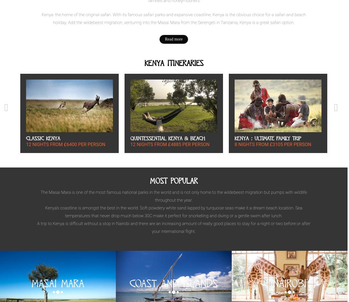 This screenshot has width=349, height=302. What do you see at coordinates (173, 38) in the screenshot?
I see `'Read more'` at bounding box center [173, 38].